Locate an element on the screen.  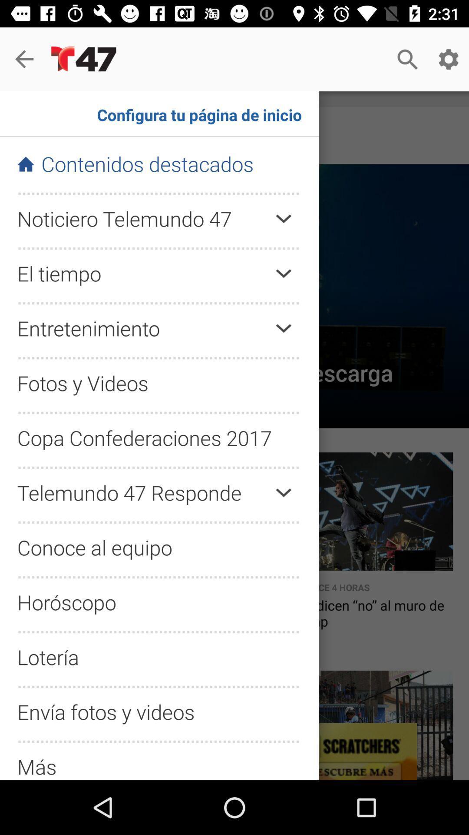
search button is located at coordinates (407, 59).